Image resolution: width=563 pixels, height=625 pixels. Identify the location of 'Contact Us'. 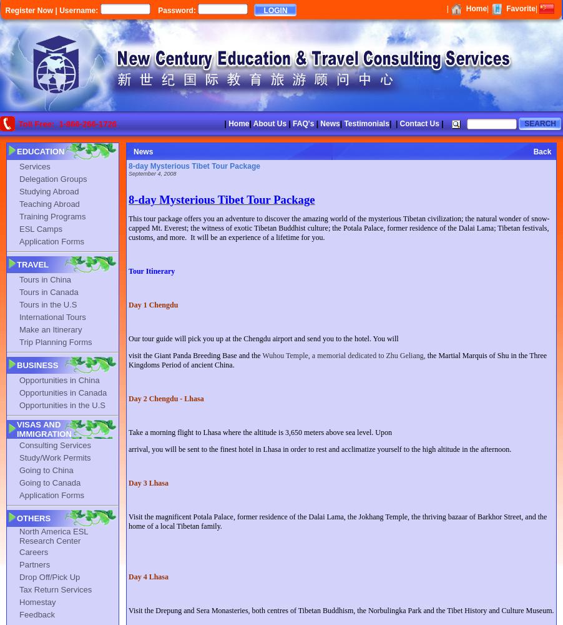
(398, 123).